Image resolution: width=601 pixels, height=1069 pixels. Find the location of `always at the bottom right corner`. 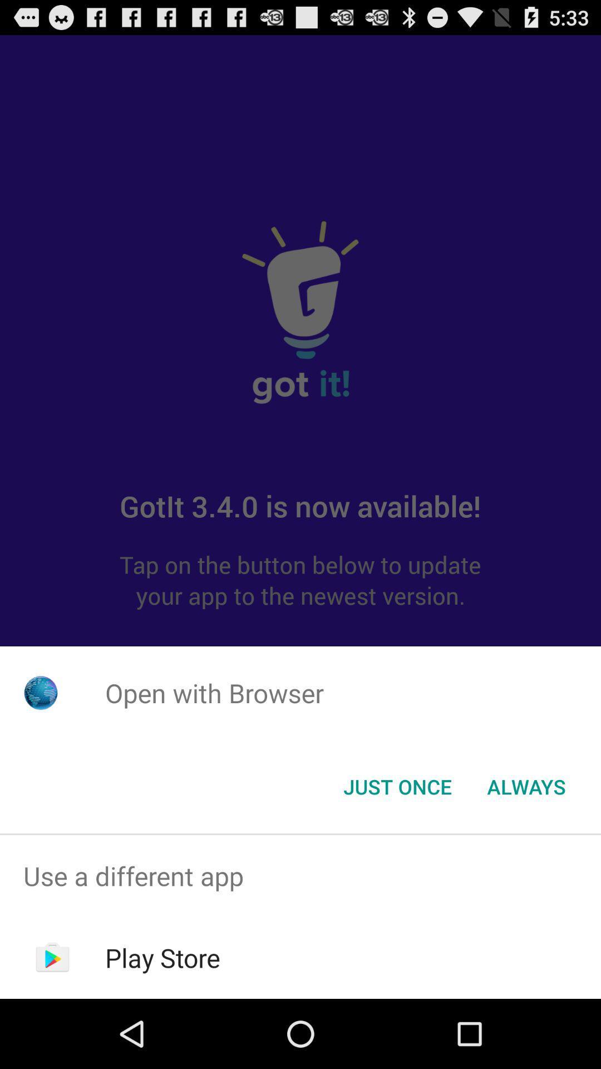

always at the bottom right corner is located at coordinates (526, 786).